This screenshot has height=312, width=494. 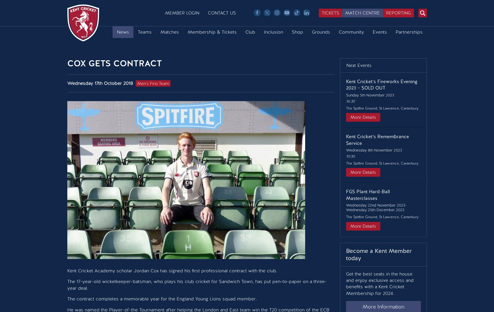 What do you see at coordinates (134, 82) in the screenshot?
I see `'South East Stars'` at bounding box center [134, 82].